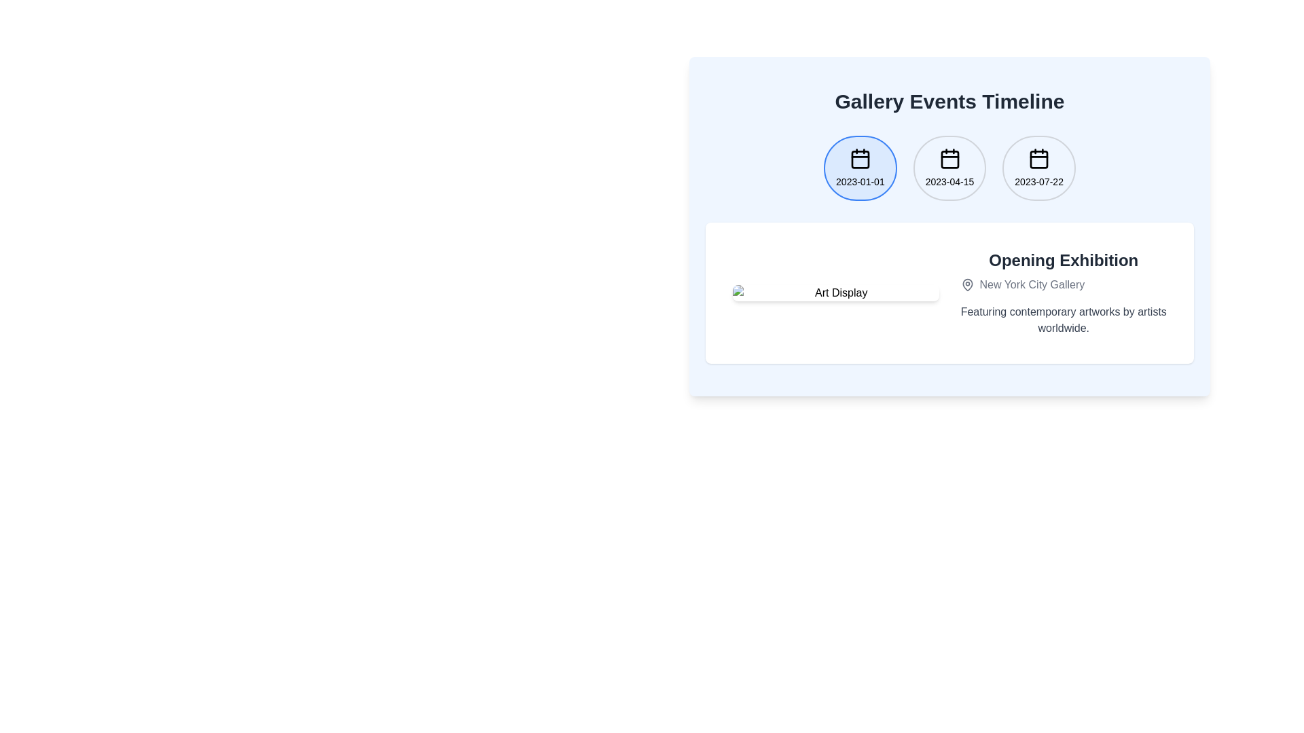 The height and width of the screenshot is (733, 1304). Describe the element at coordinates (1063, 320) in the screenshot. I see `descriptive text content located in the 'Opening Exhibition' section under the subheading 'New York City Gallery', positioned towards the bottom of this section` at that location.